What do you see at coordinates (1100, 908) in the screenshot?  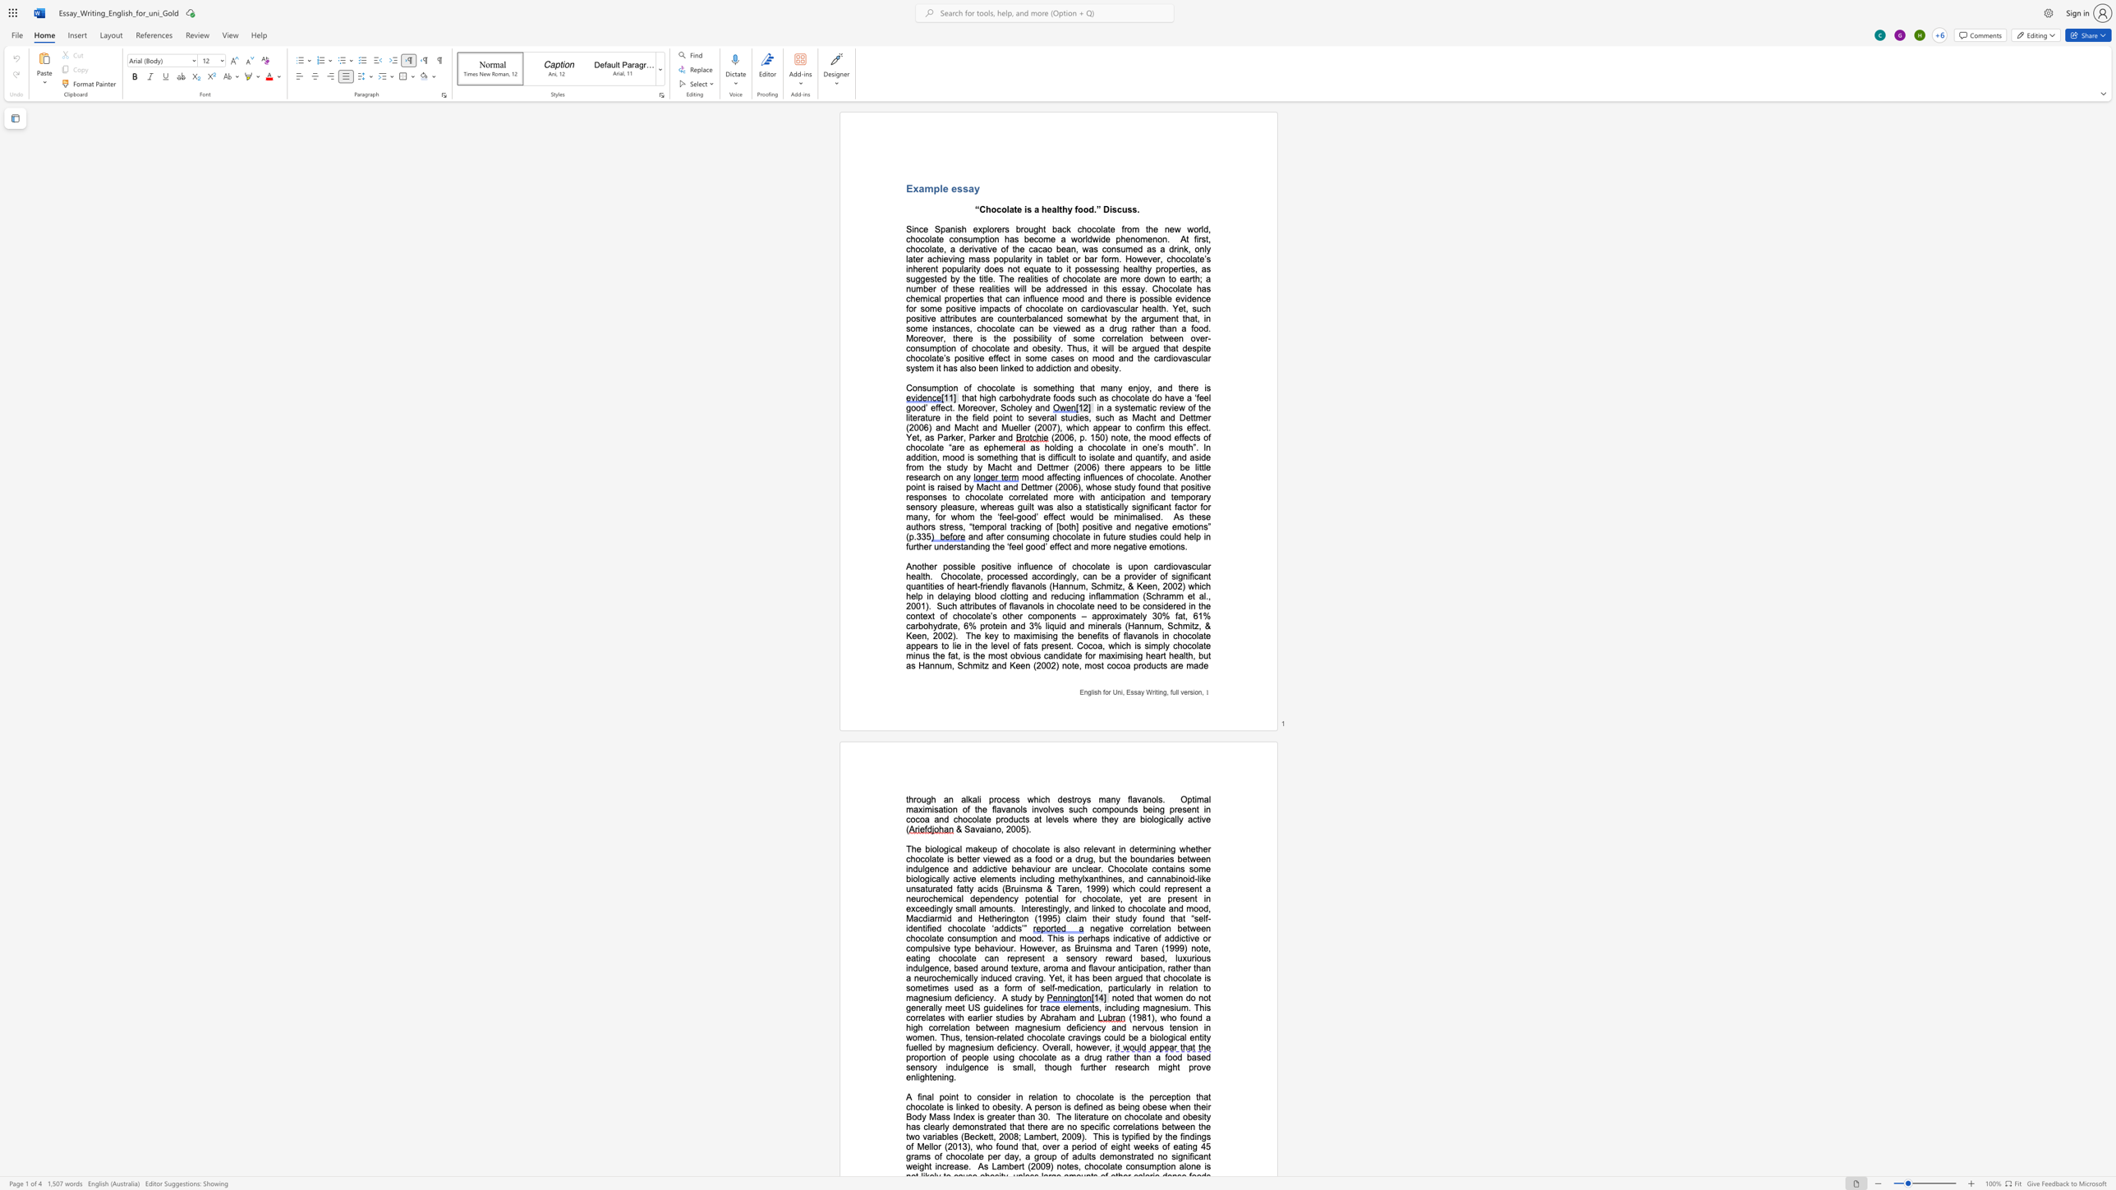 I see `the space between the continuous character "n" and "k" in the text` at bounding box center [1100, 908].